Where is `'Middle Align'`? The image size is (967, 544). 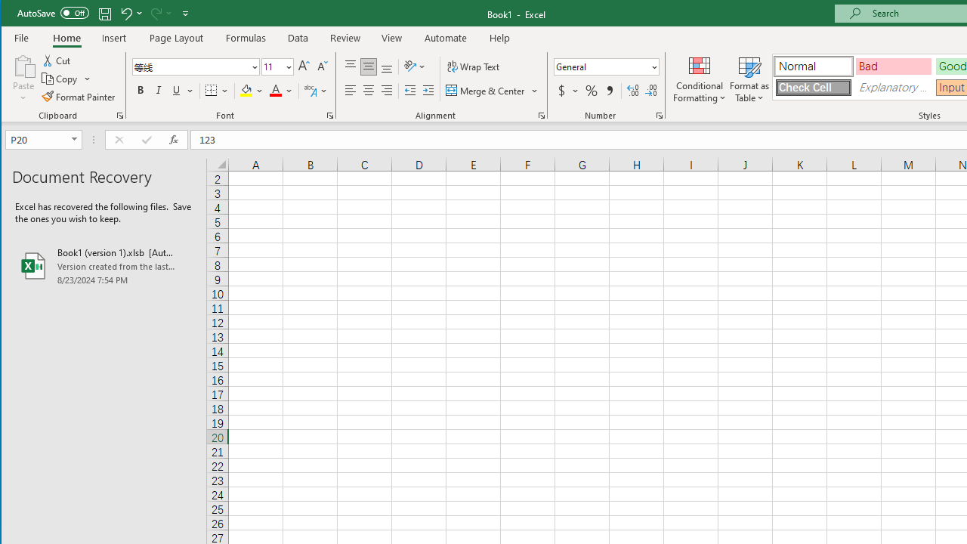
'Middle Align' is located at coordinates (369, 66).